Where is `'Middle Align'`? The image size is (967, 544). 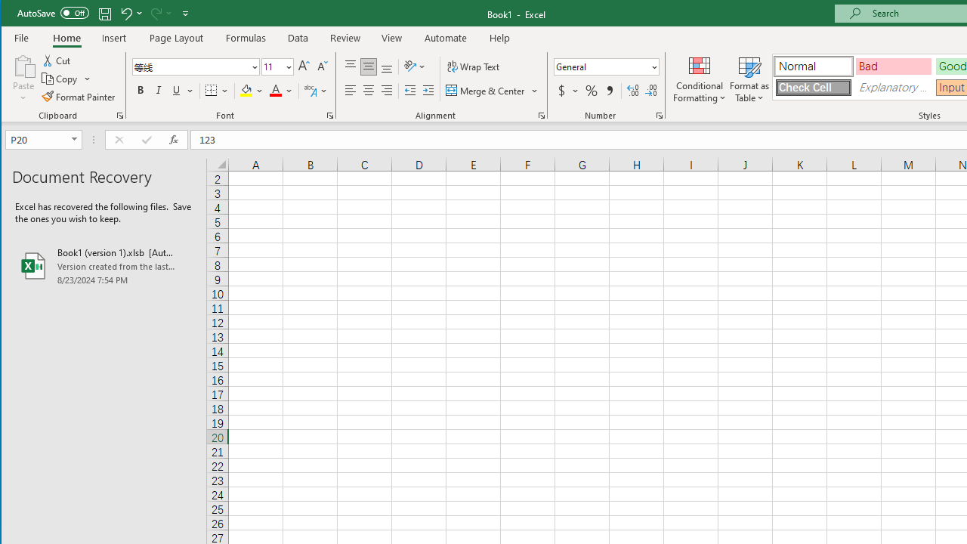
'Middle Align' is located at coordinates (369, 66).